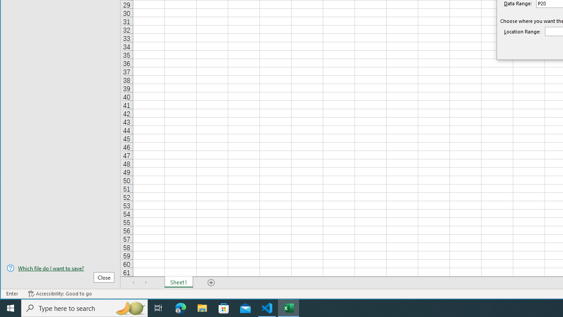 This screenshot has width=563, height=317. Describe the element at coordinates (133, 282) in the screenshot. I see `'Scroll Left'` at that location.